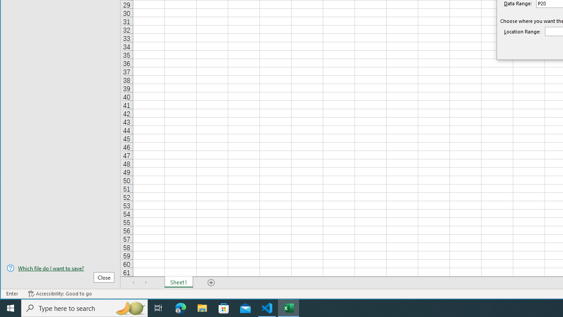 This screenshot has width=563, height=317. Describe the element at coordinates (133, 282) in the screenshot. I see `'Scroll Left'` at that location.